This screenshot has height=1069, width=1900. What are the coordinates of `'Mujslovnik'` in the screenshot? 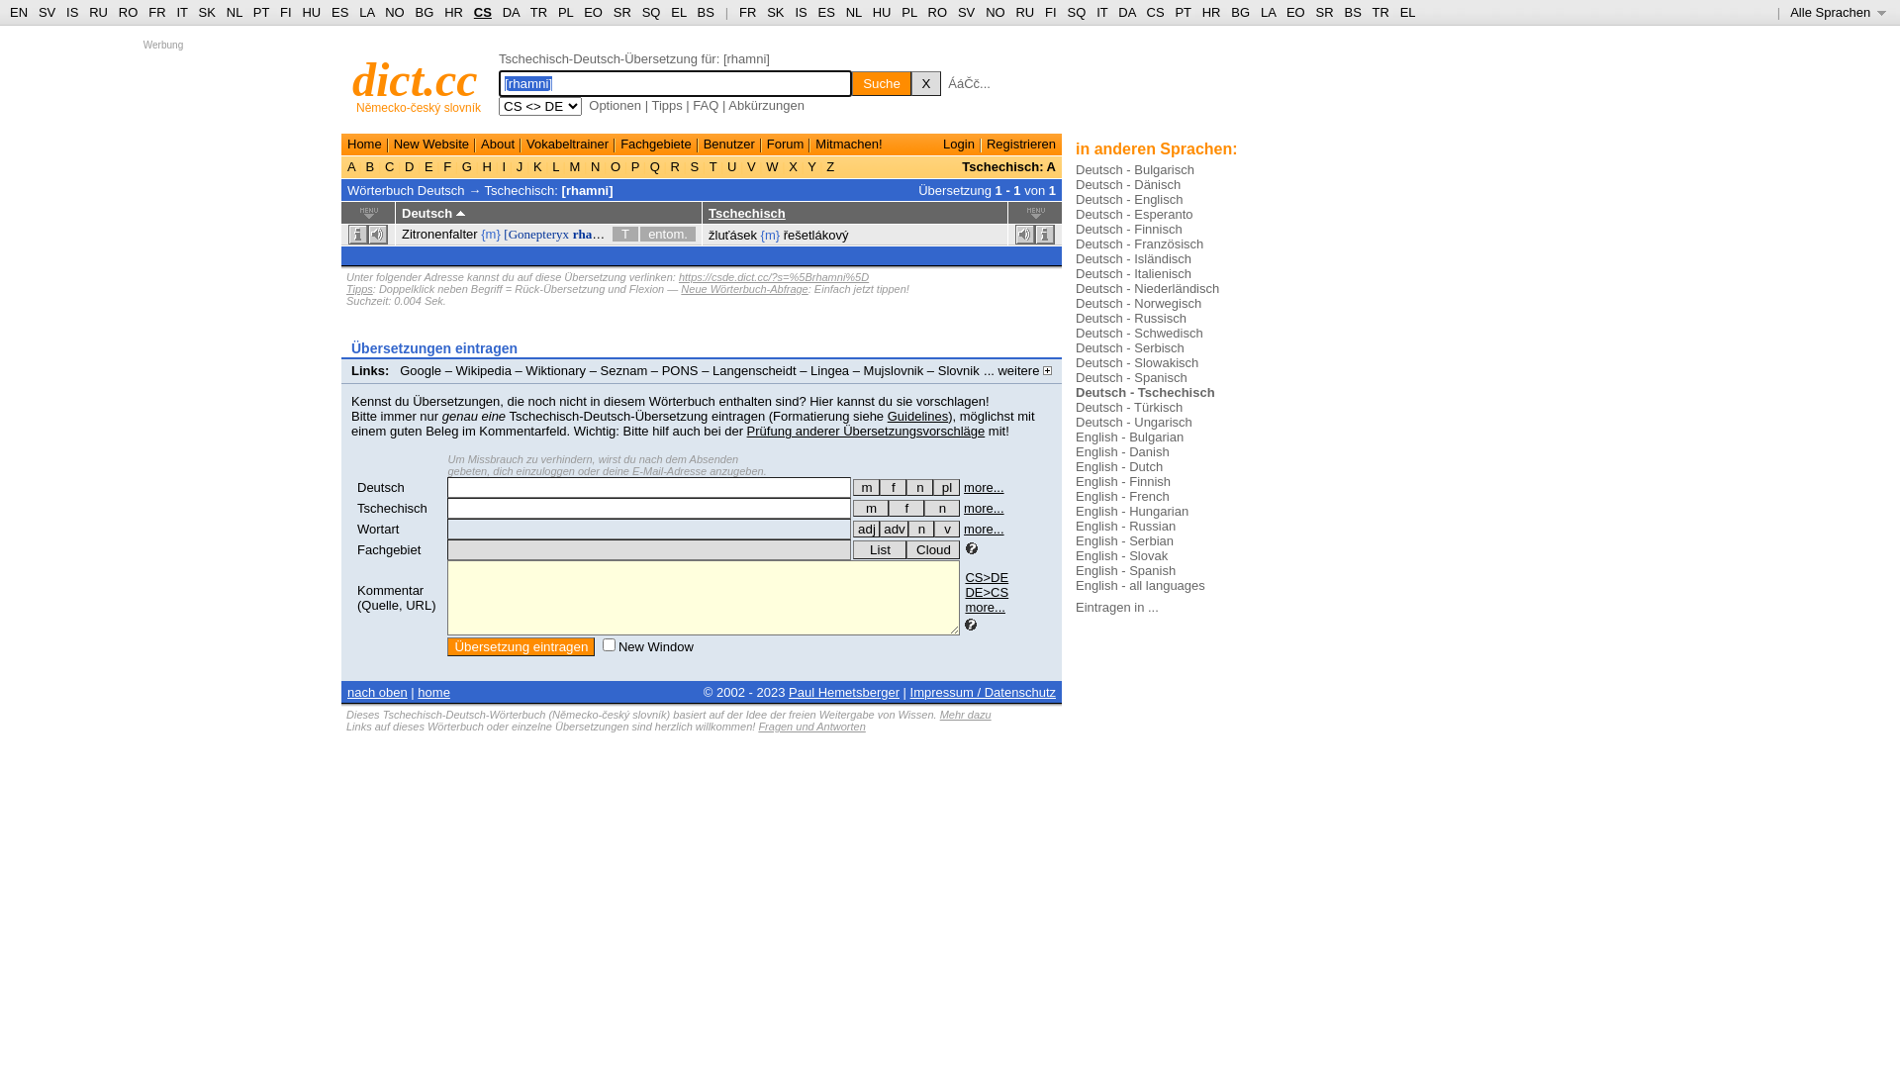 It's located at (893, 370).